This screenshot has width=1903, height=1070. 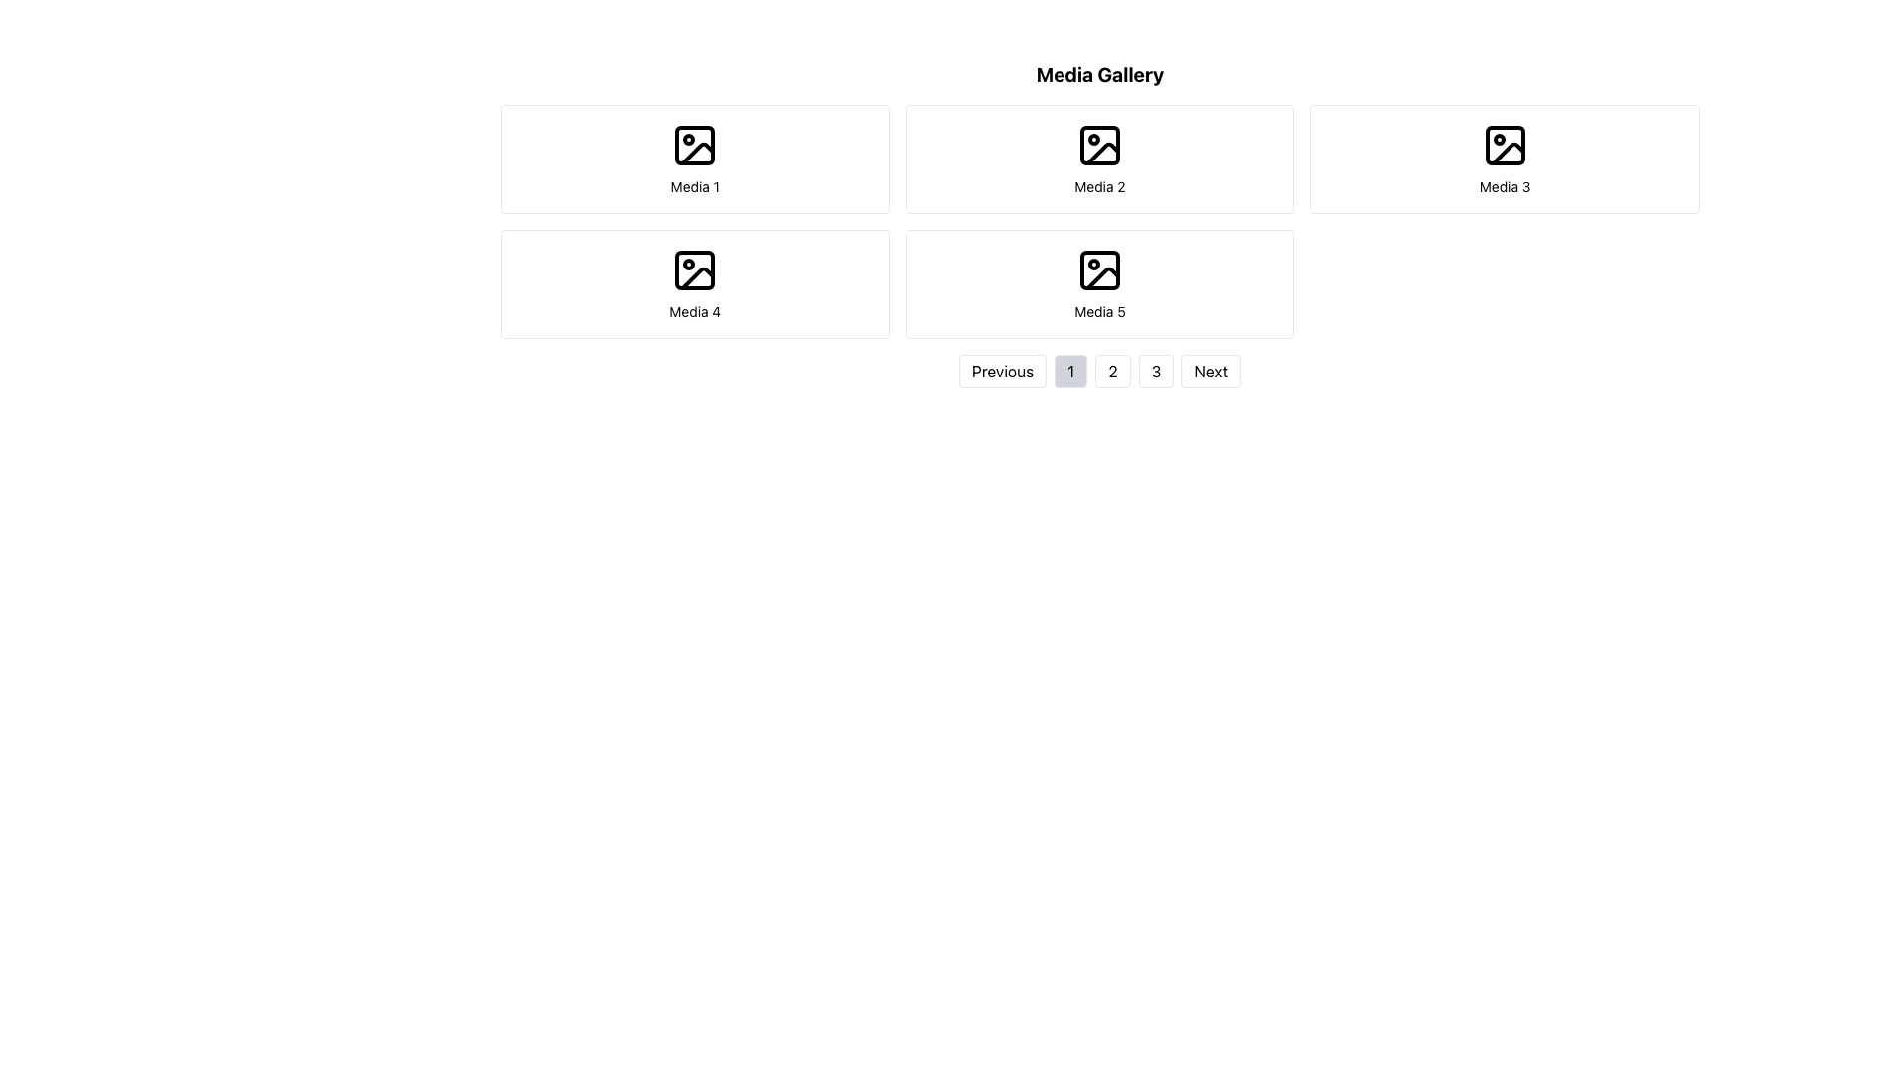 What do you see at coordinates (1098, 187) in the screenshot?
I see `the text label displaying 'Media 2', which is positioned below an image placeholder in the second column of the first row in a grid layout` at bounding box center [1098, 187].